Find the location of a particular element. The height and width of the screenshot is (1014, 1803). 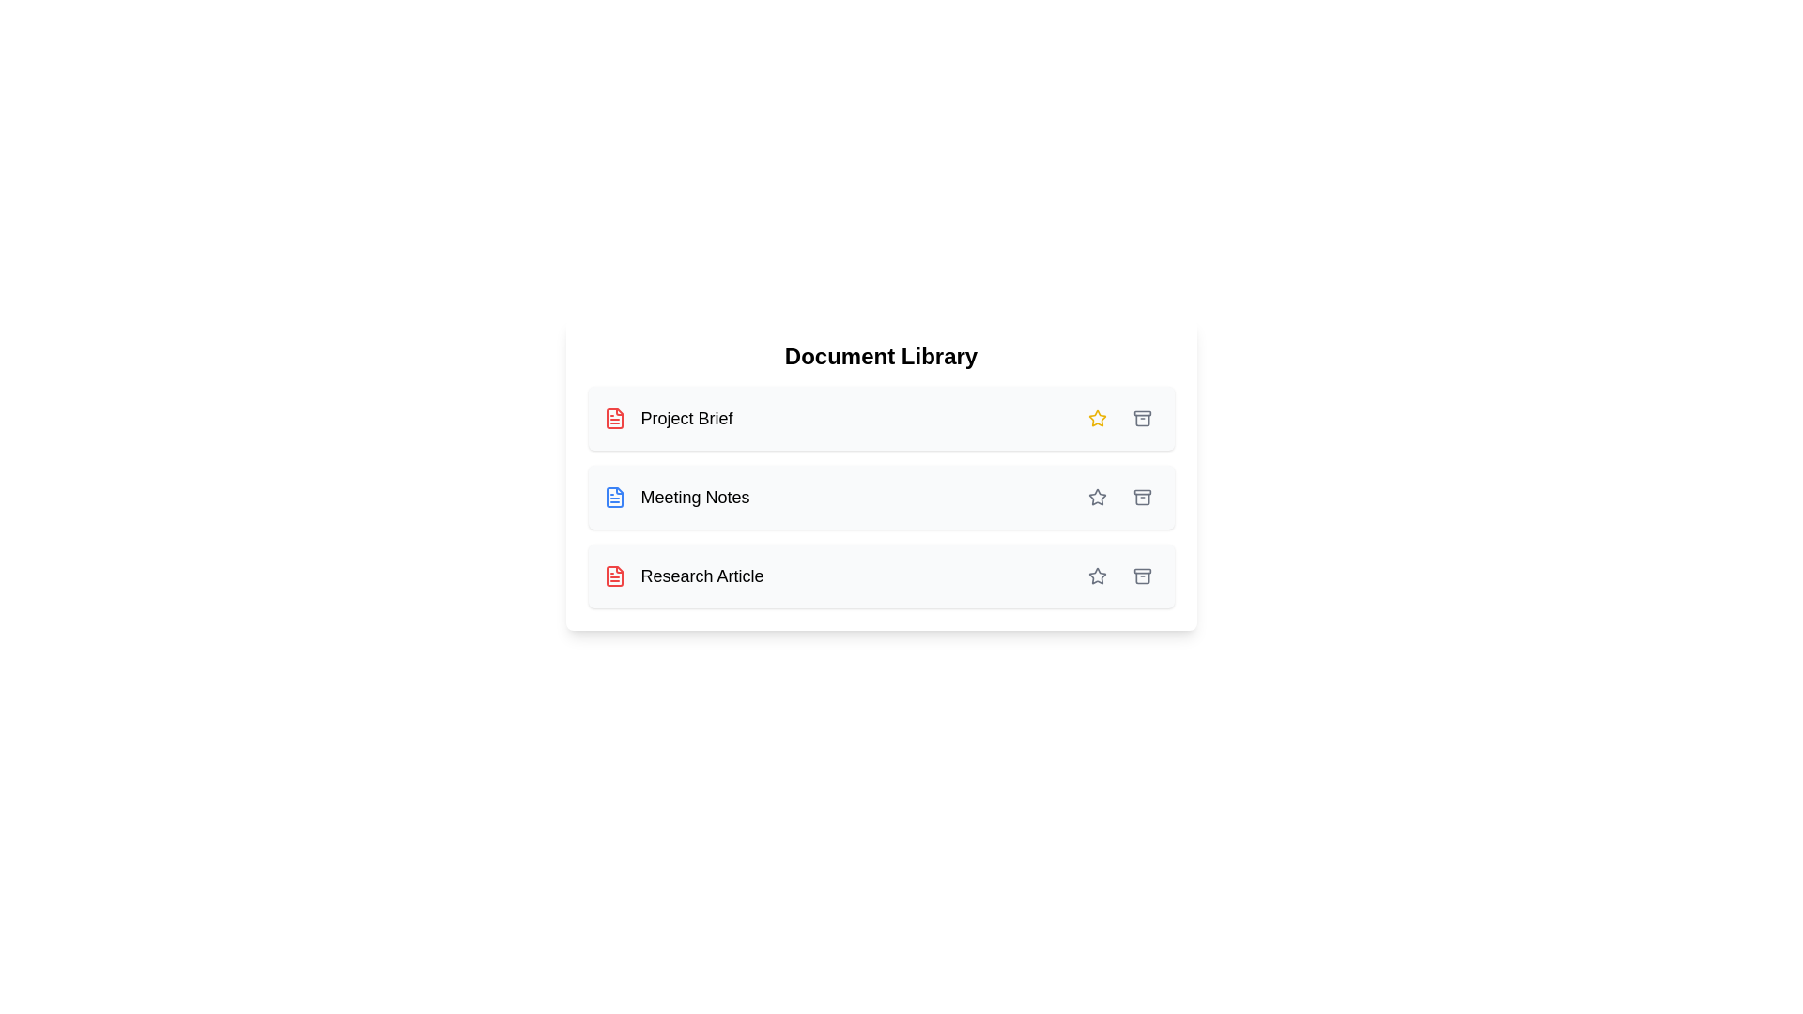

the star icon corresponding to the document named Project Brief to toggle its favorite status is located at coordinates (1097, 418).